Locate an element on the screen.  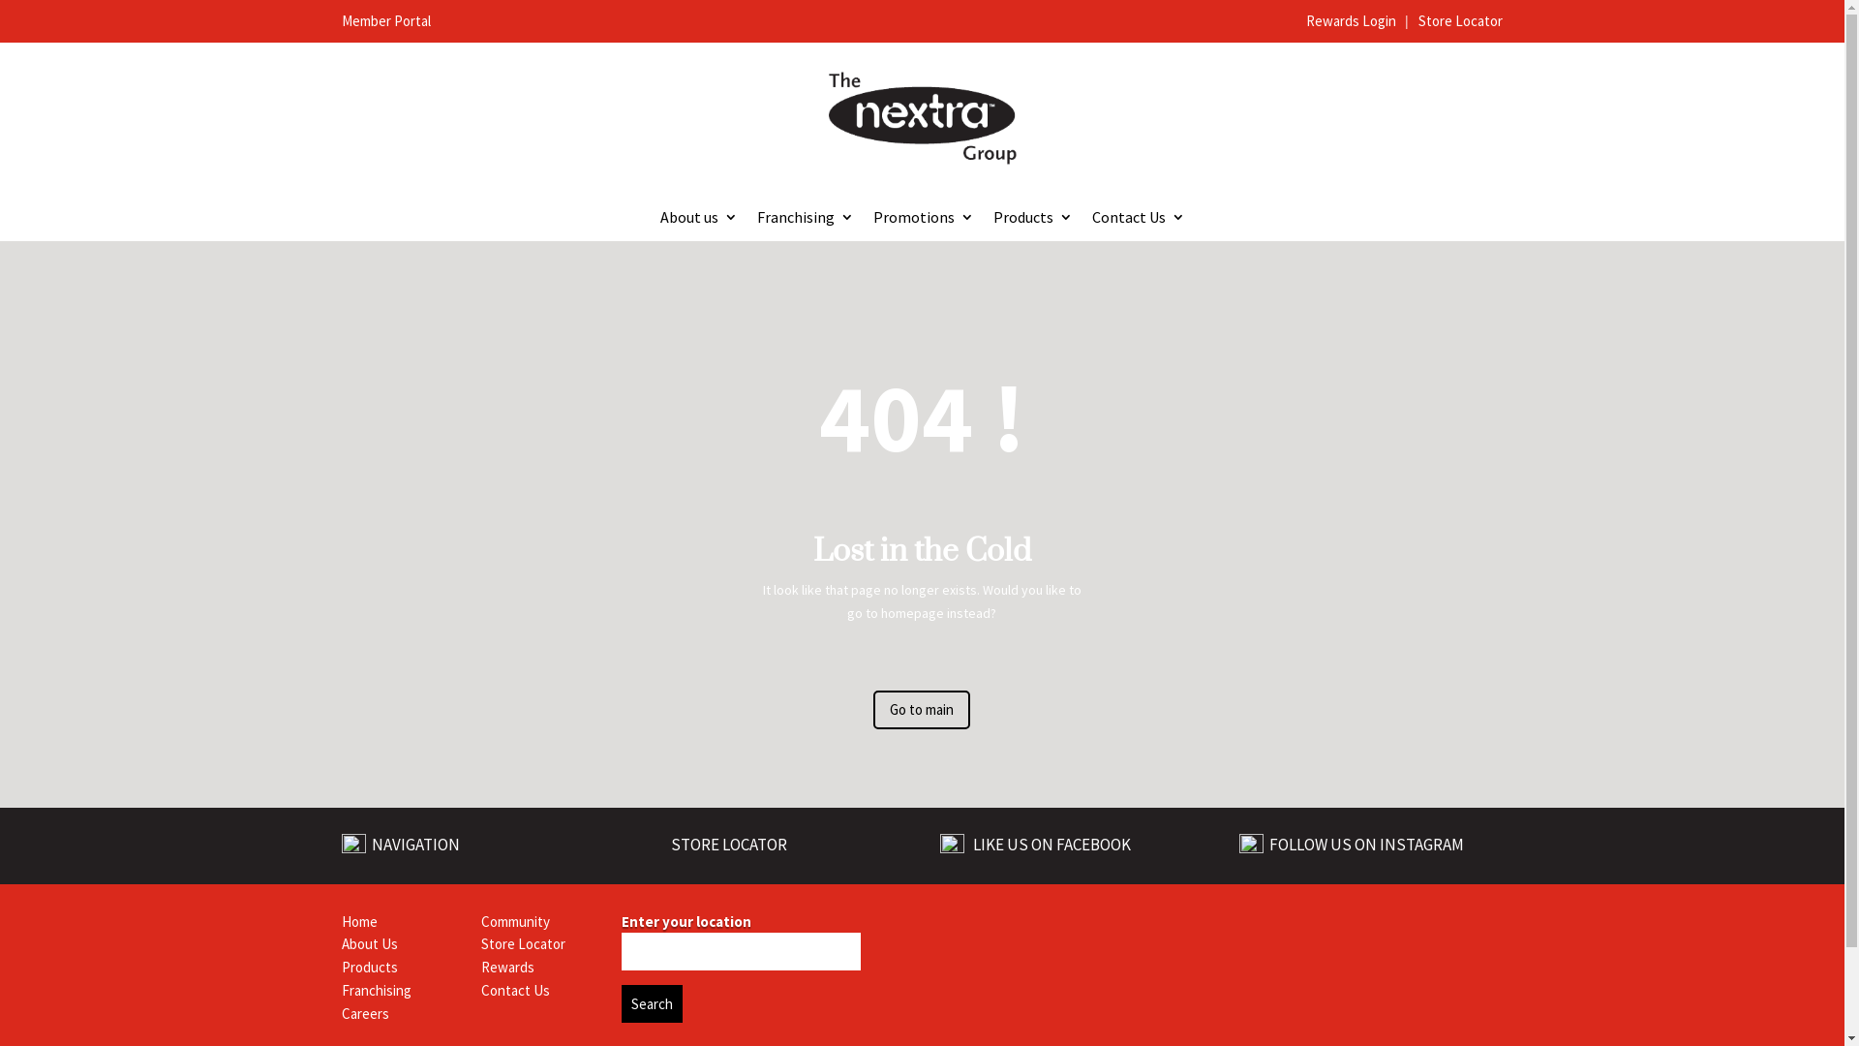
'nextra' is located at coordinates (1155, 933).